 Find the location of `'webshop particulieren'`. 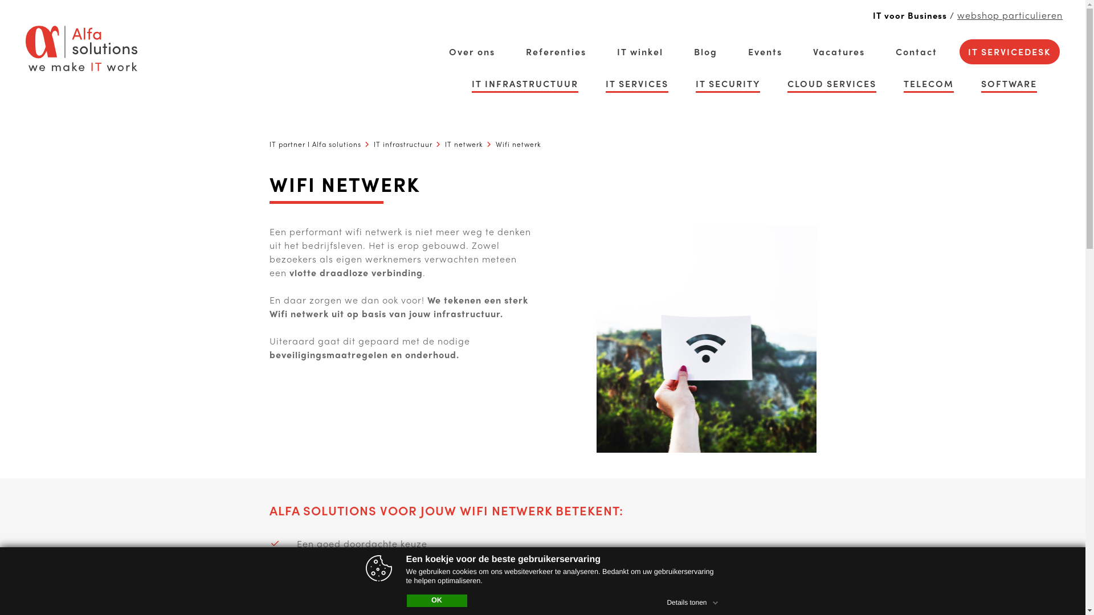

'webshop particulieren' is located at coordinates (1010, 15).